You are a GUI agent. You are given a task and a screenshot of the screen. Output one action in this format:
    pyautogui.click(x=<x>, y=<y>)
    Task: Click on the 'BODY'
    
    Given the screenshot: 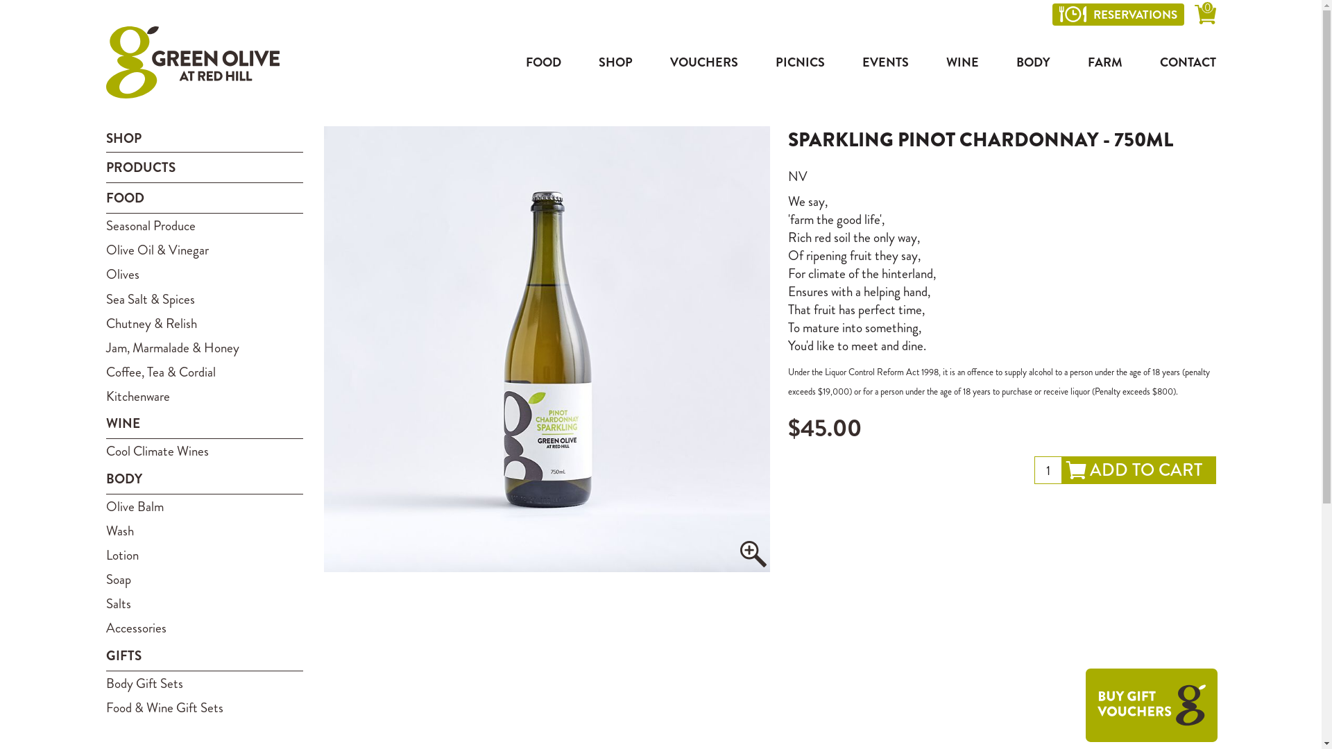 What is the action you would take?
    pyautogui.click(x=1032, y=61)
    